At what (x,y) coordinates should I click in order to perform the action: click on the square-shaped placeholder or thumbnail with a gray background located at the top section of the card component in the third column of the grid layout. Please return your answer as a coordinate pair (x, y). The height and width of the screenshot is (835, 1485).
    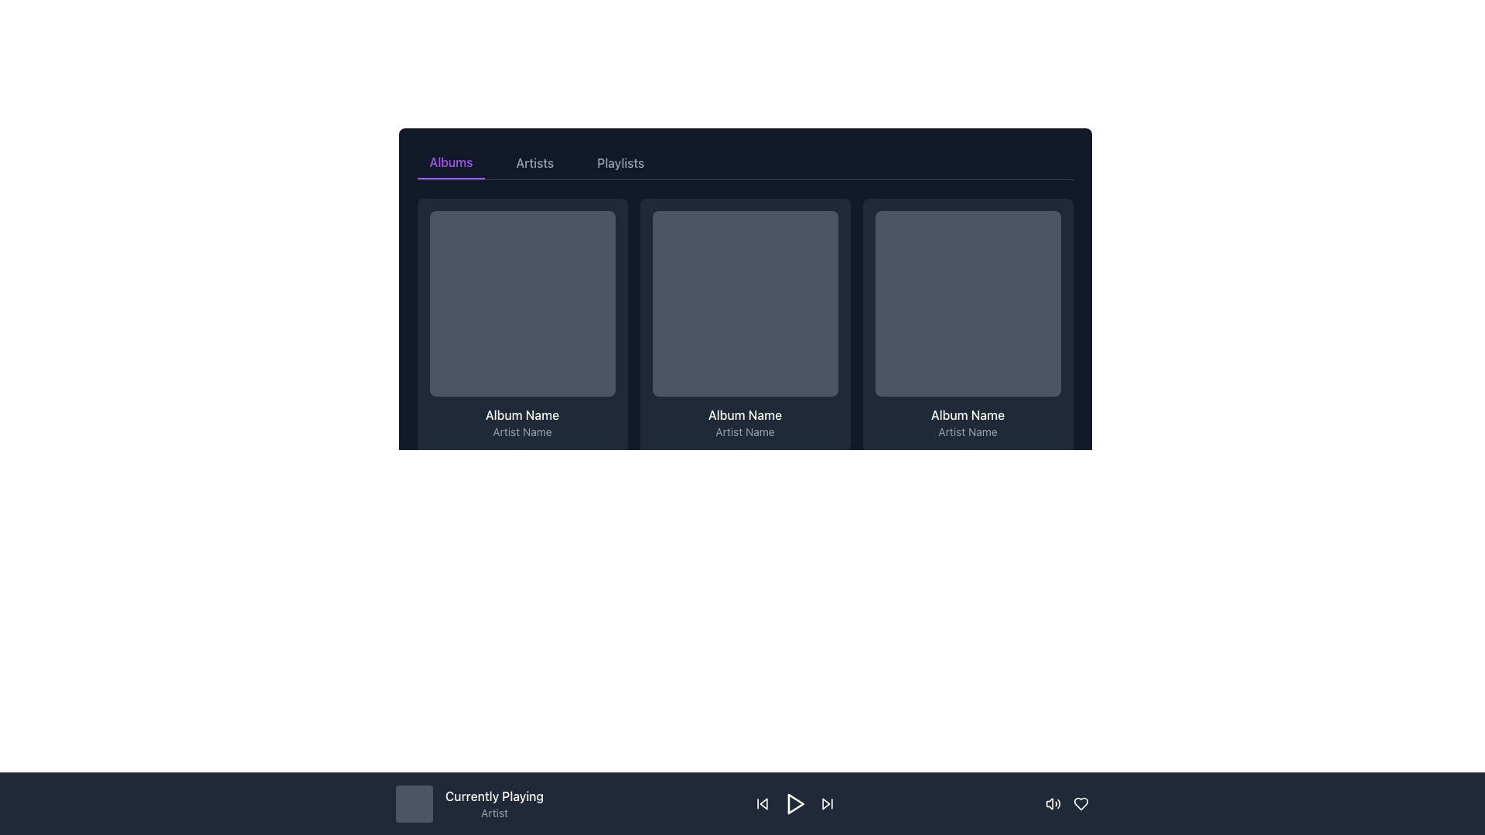
    Looking at the image, I should click on (967, 304).